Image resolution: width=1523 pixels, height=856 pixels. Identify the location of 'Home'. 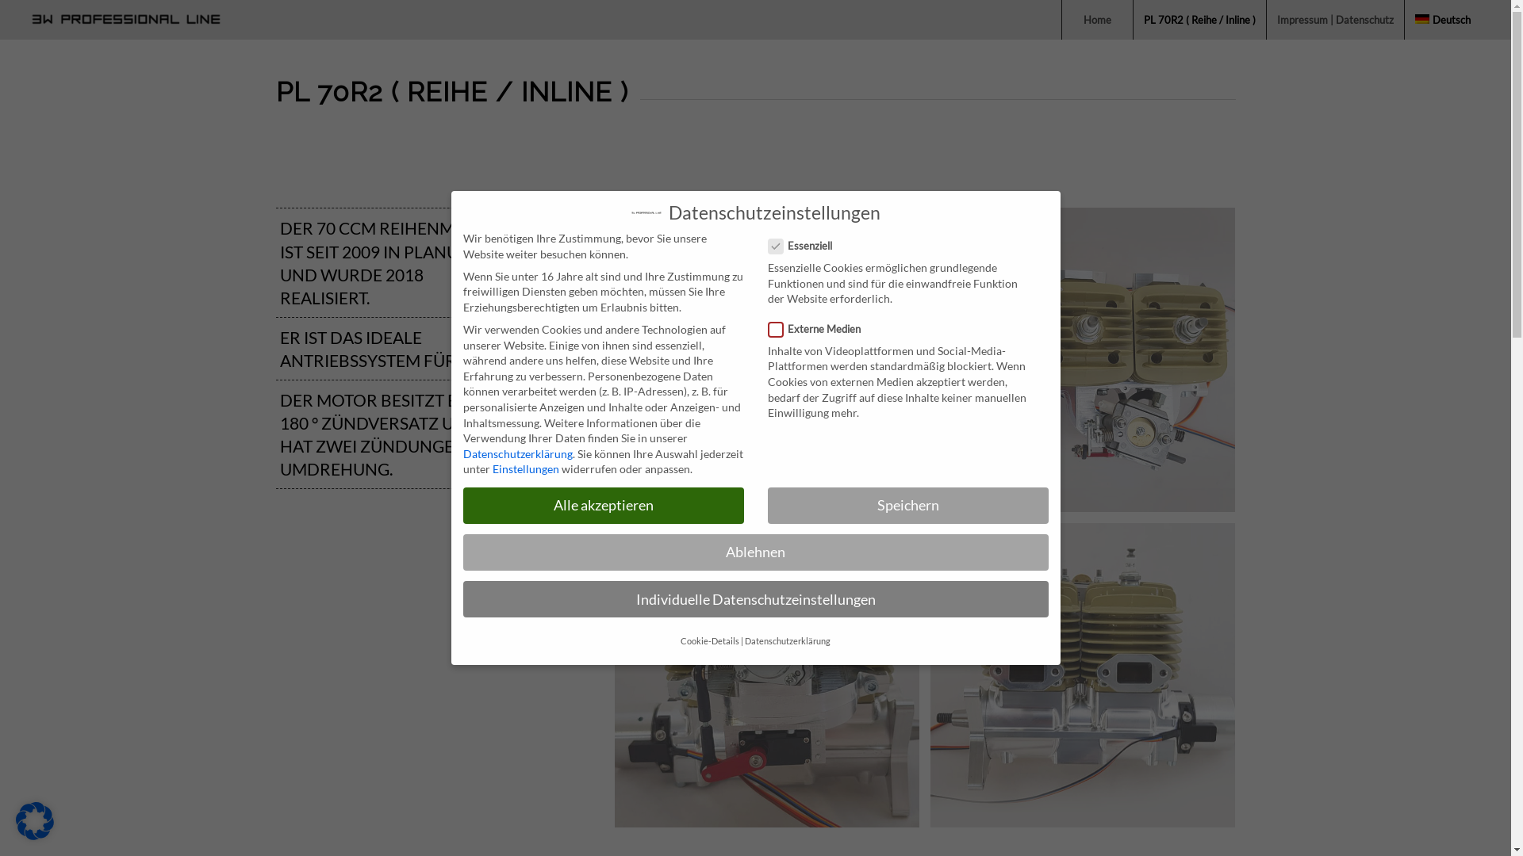
(1061, 19).